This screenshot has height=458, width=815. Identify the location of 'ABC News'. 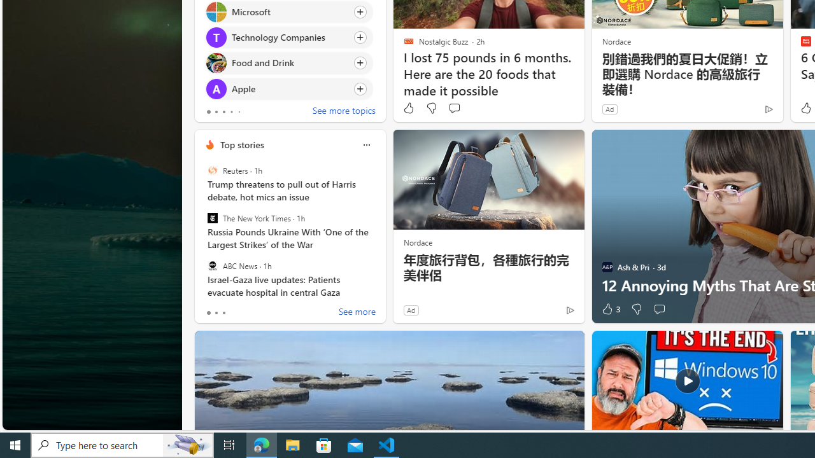
(212, 265).